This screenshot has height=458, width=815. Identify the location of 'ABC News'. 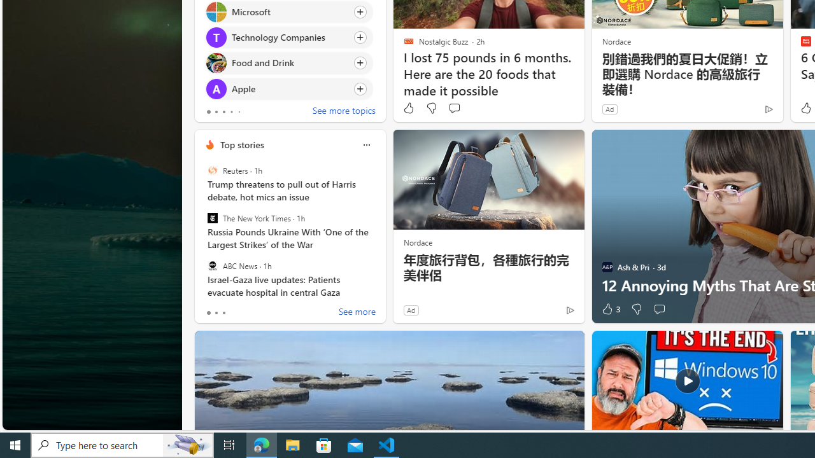
(212, 265).